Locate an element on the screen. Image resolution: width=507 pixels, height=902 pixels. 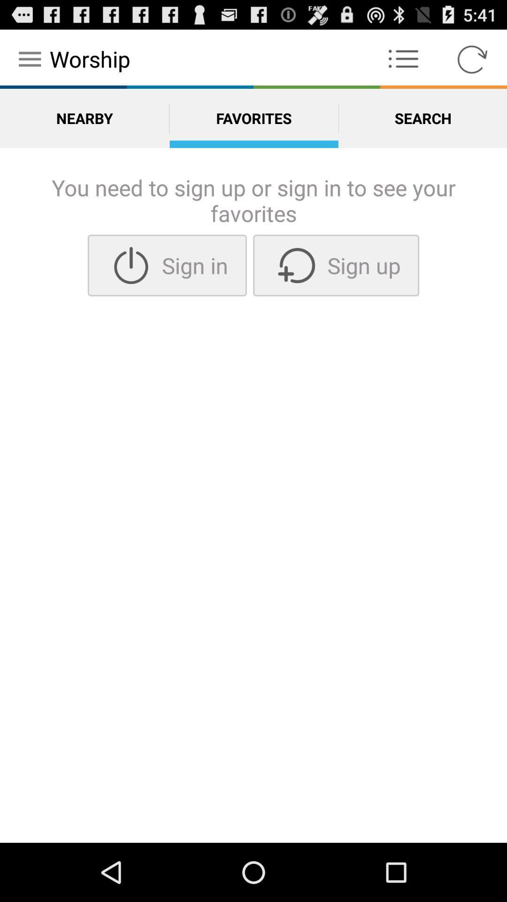
icon above search is located at coordinates (403, 58).